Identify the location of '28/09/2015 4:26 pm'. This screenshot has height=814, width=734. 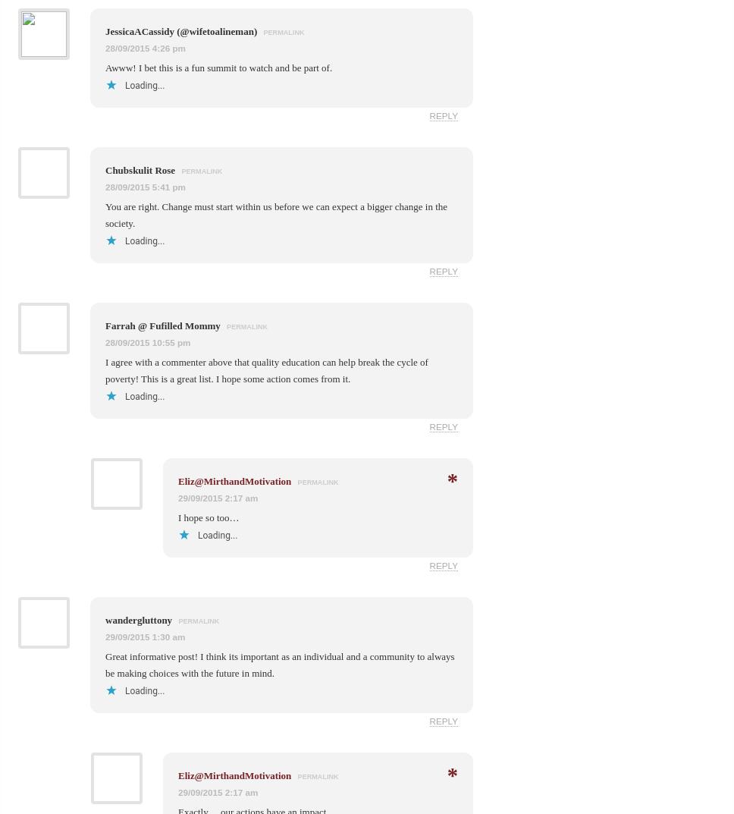
(145, 47).